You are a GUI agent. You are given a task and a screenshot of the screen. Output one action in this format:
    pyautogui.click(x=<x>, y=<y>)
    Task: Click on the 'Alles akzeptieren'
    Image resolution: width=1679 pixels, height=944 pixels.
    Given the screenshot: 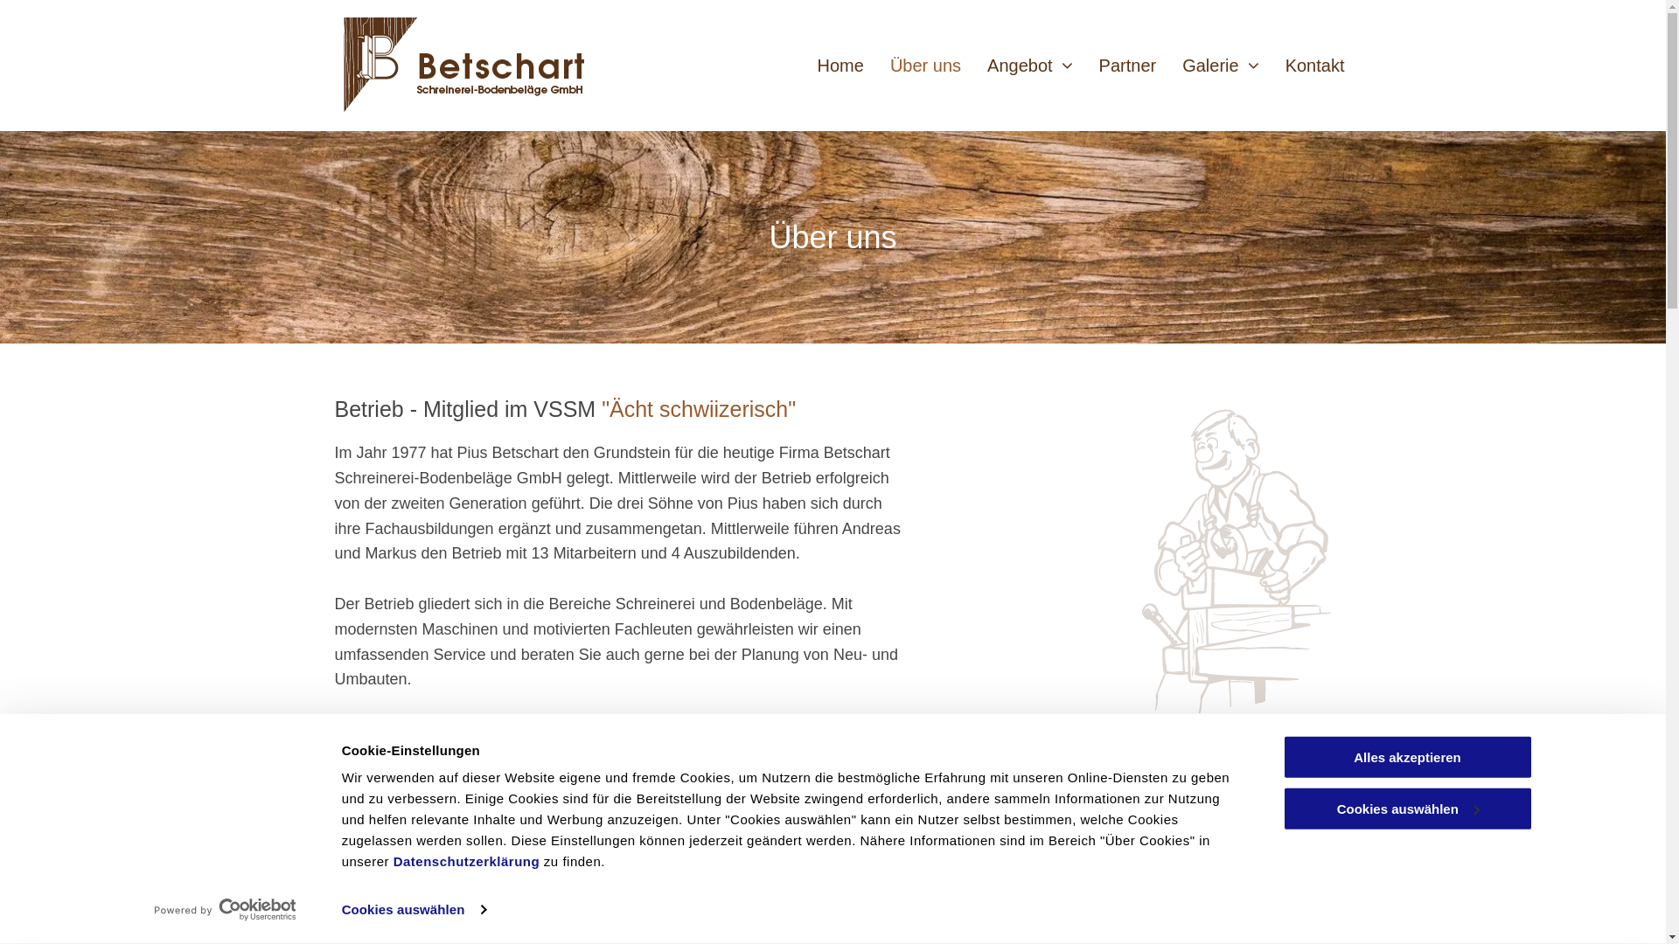 What is the action you would take?
    pyautogui.click(x=1281, y=756)
    